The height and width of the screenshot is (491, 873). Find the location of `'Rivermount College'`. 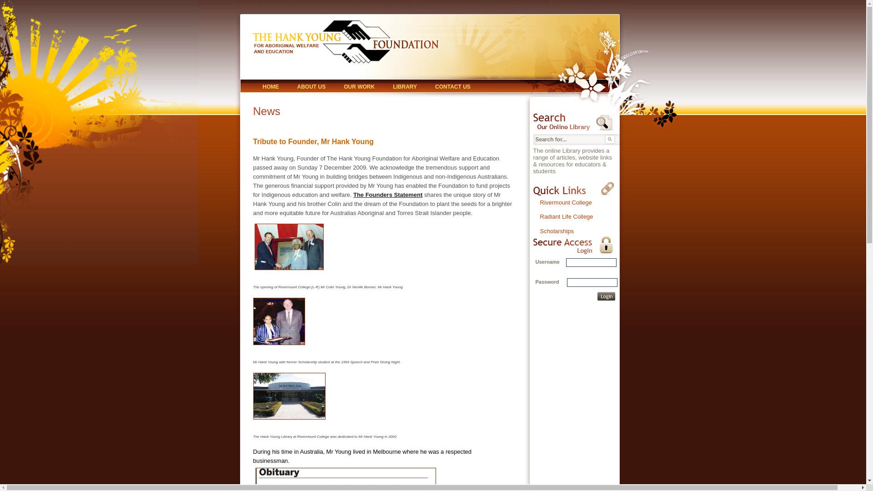

'Rivermount College' is located at coordinates (565, 202).